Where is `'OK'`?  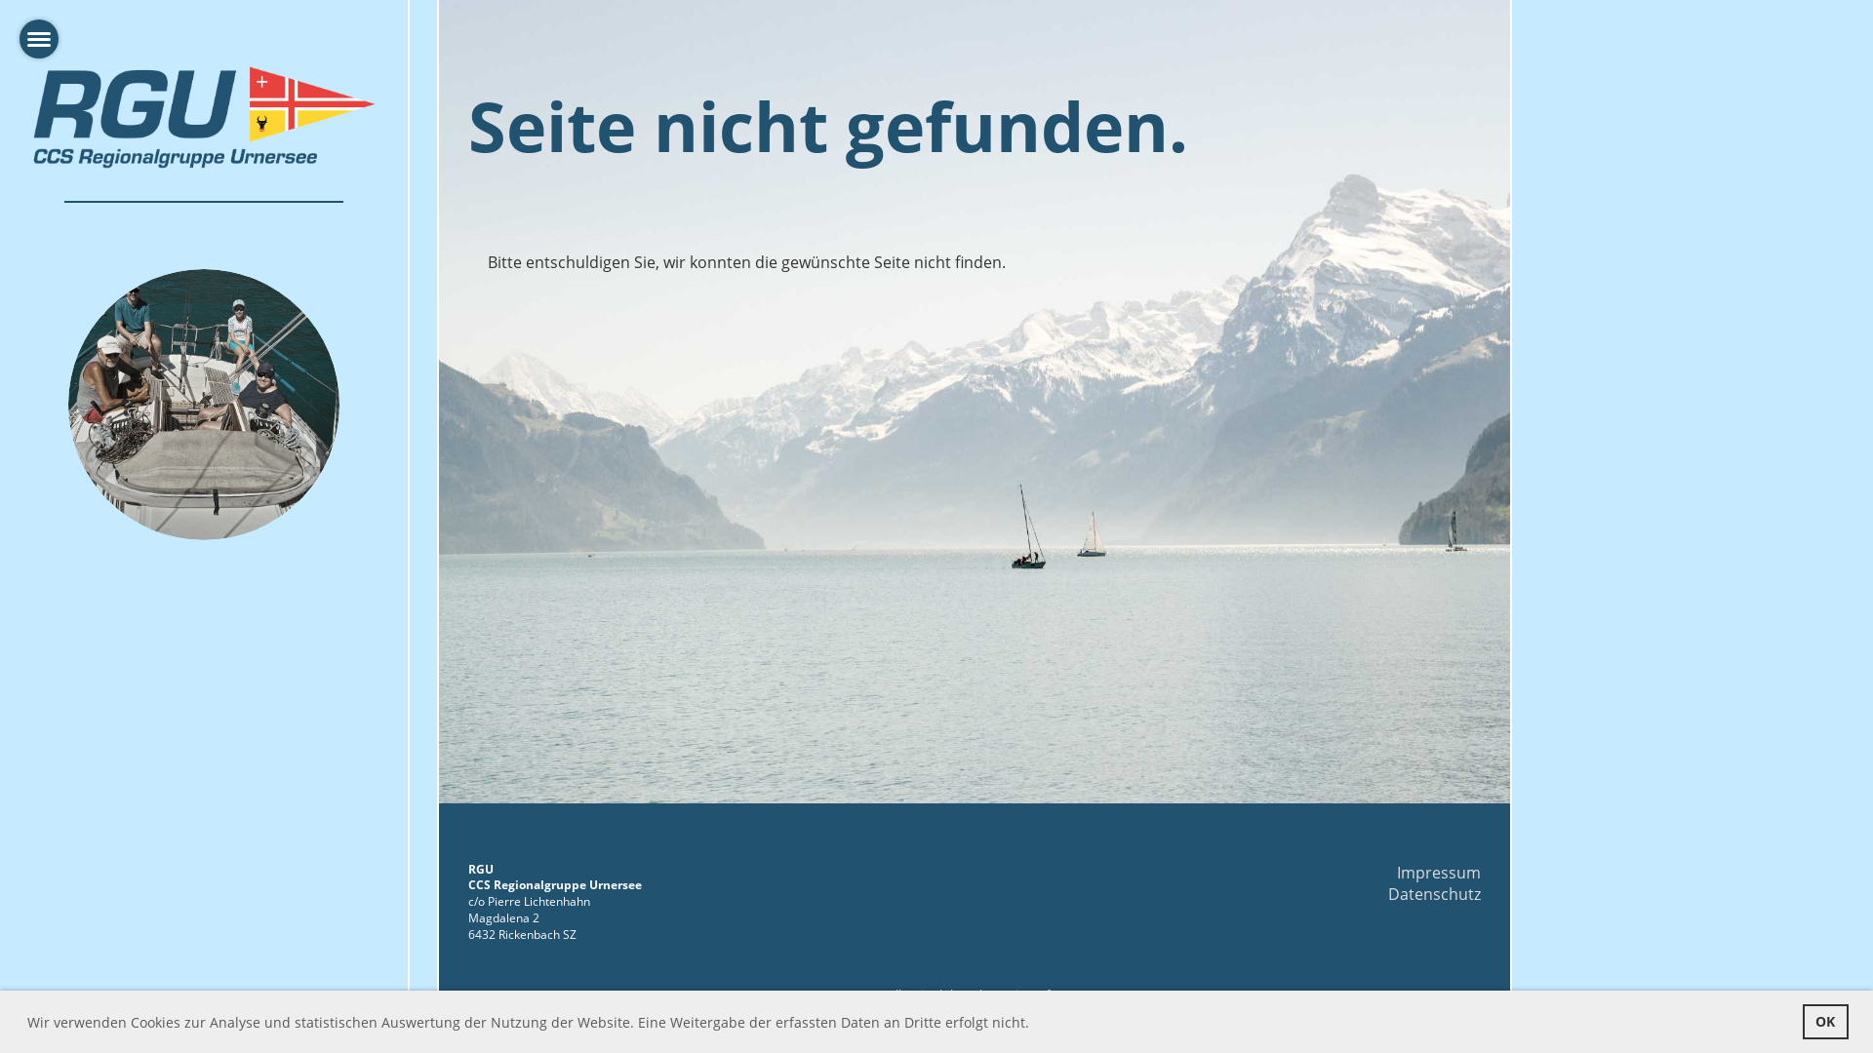 'OK' is located at coordinates (1824, 1021).